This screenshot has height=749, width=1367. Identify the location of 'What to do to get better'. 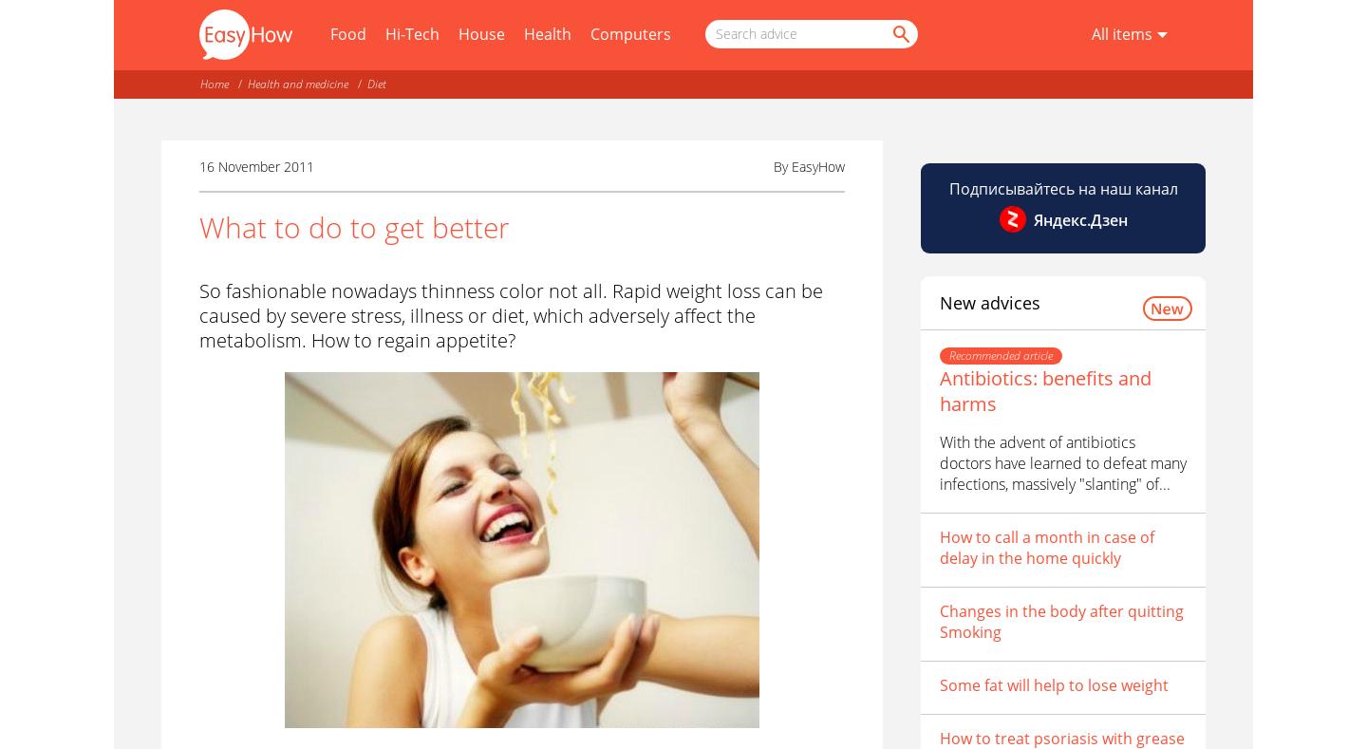
(352, 227).